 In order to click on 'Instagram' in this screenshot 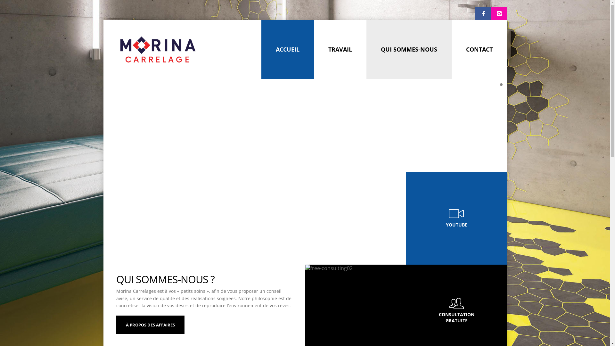, I will do `click(498, 13)`.